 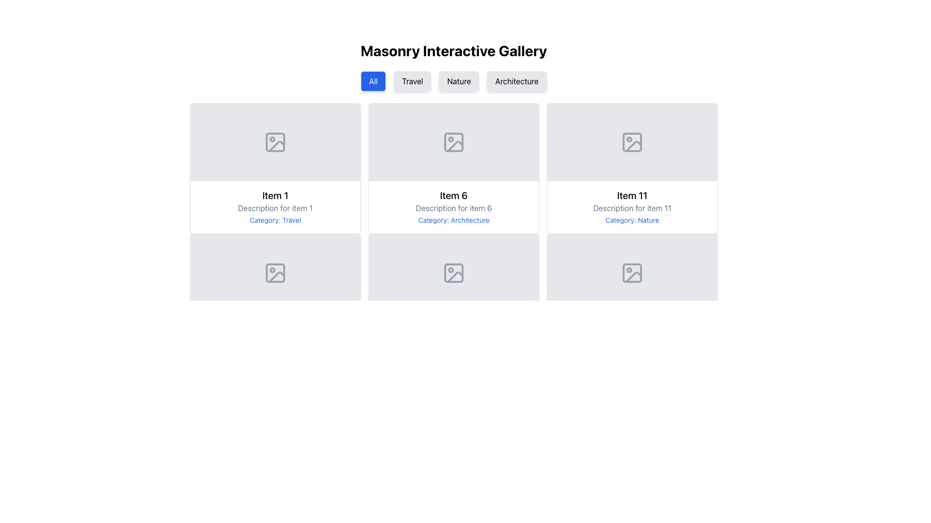 What do you see at coordinates (453, 142) in the screenshot?
I see `the placeholder icon located in the center of the gray rectangular block for 'Item 6' in the masonry gallery layout` at bounding box center [453, 142].